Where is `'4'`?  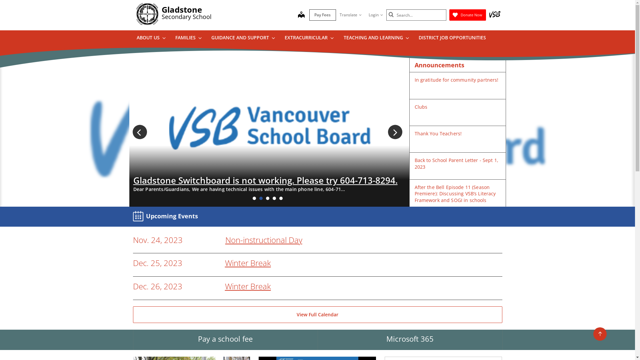 '4' is located at coordinates (274, 198).